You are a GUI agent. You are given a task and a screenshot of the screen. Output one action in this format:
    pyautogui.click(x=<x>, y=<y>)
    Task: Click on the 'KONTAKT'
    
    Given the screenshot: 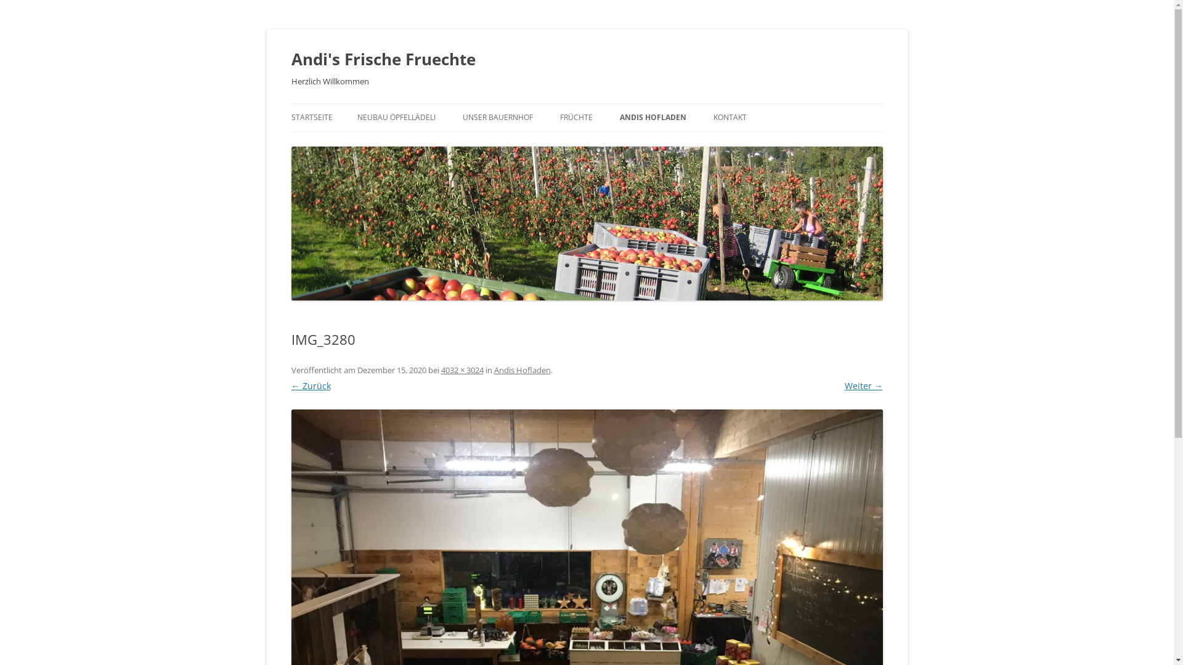 What is the action you would take?
    pyautogui.click(x=730, y=118)
    